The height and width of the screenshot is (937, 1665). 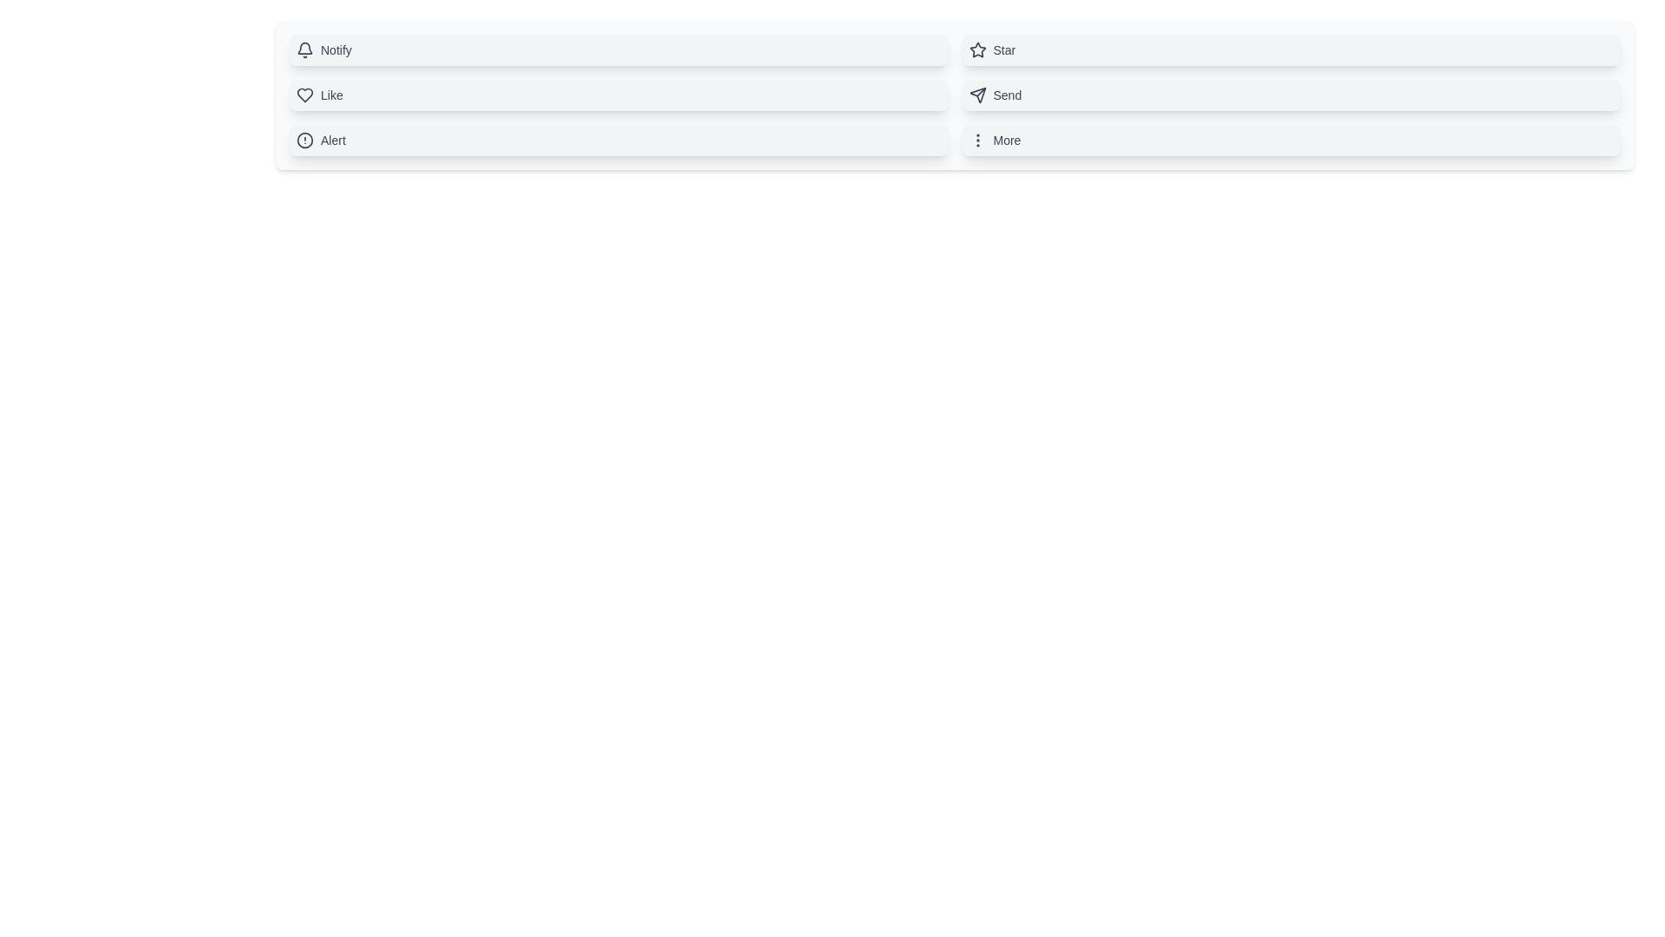 What do you see at coordinates (618, 49) in the screenshot?
I see `the first button in the grid layout, positioned at the top-left` at bounding box center [618, 49].